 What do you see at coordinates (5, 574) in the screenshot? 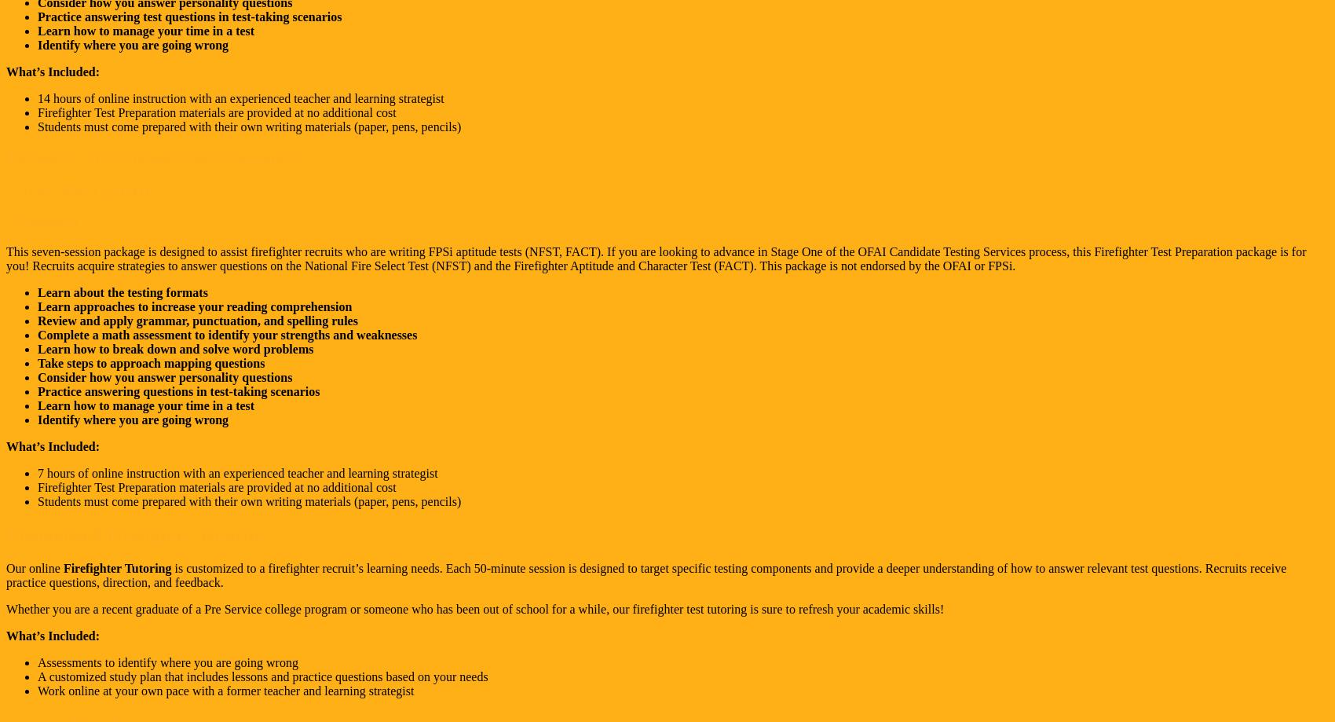
I see `'is customized to a firefighter recruit’s learning needs. Each 50-minute session is designed to target specific testing components and provide a deeper understanding of how to answer relevant test questions. Recruits receive practice questions, direction, and feedback.'` at bounding box center [5, 574].